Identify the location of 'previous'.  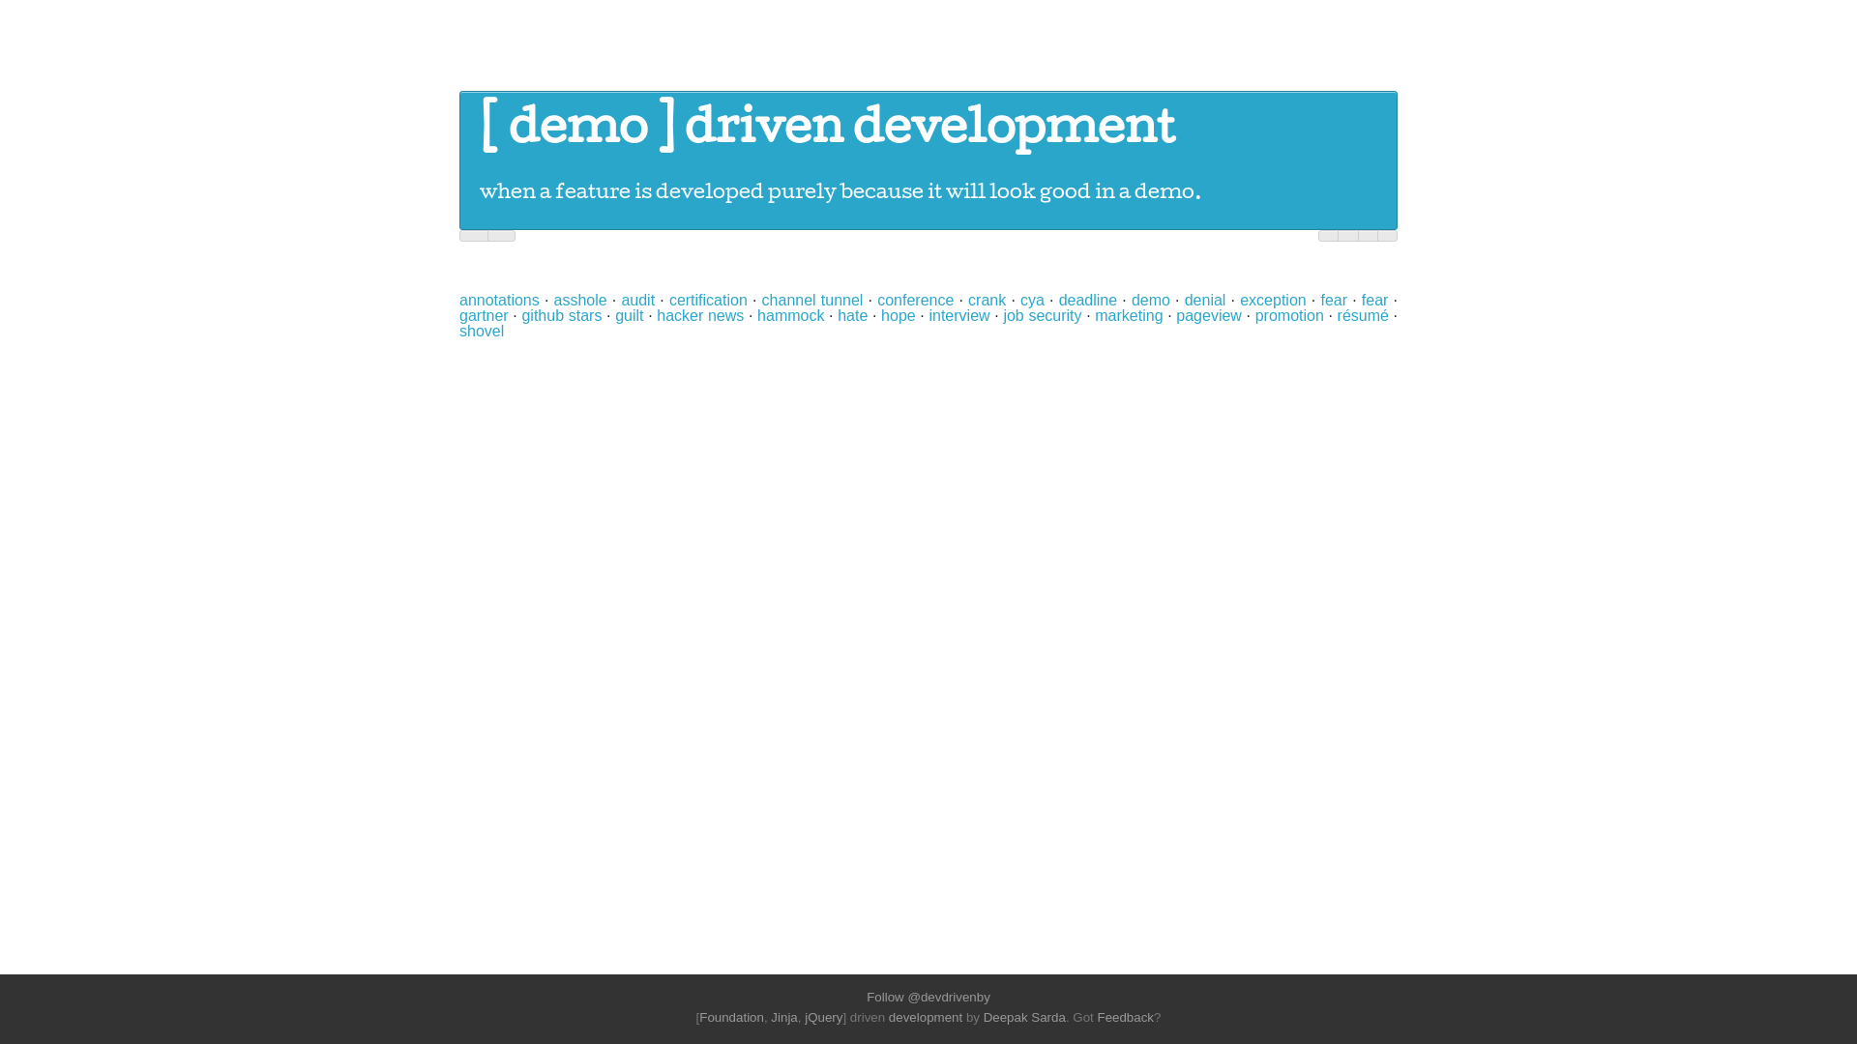
(473, 234).